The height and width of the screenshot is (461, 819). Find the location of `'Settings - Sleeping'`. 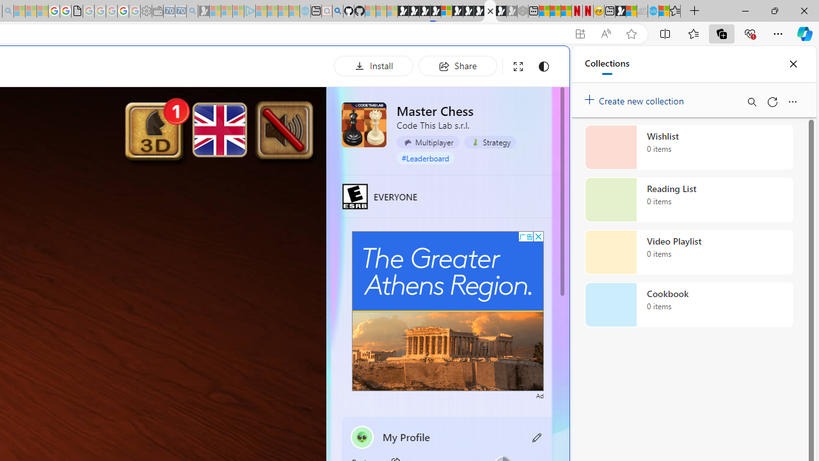

'Settings - Sleeping' is located at coordinates (146, 11).